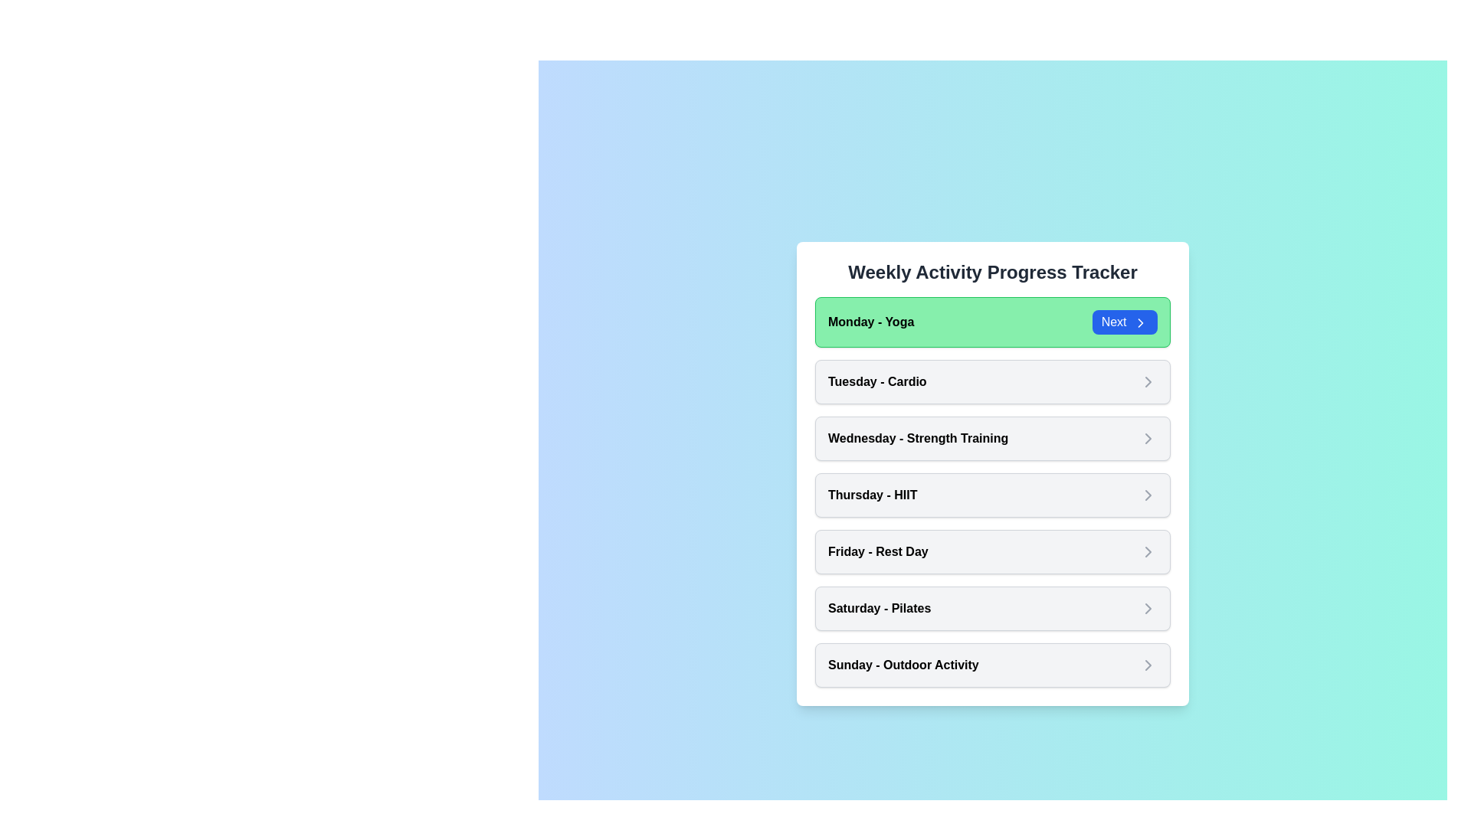 The width and height of the screenshot is (1471, 827). I want to click on the right-facing chevron icon indicating forward navigation for the 'Saturday - Pilates' item, so click(1148, 607).